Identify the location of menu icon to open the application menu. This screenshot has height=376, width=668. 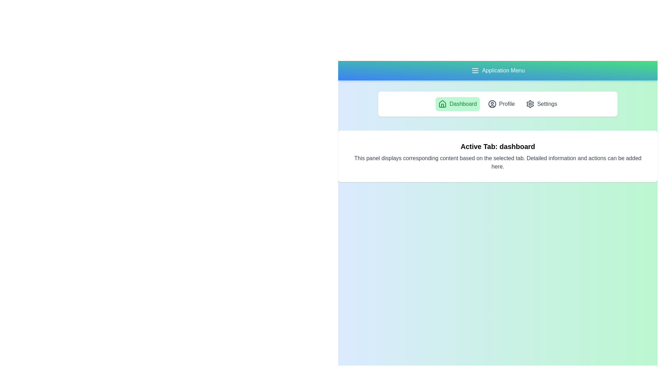
(475, 71).